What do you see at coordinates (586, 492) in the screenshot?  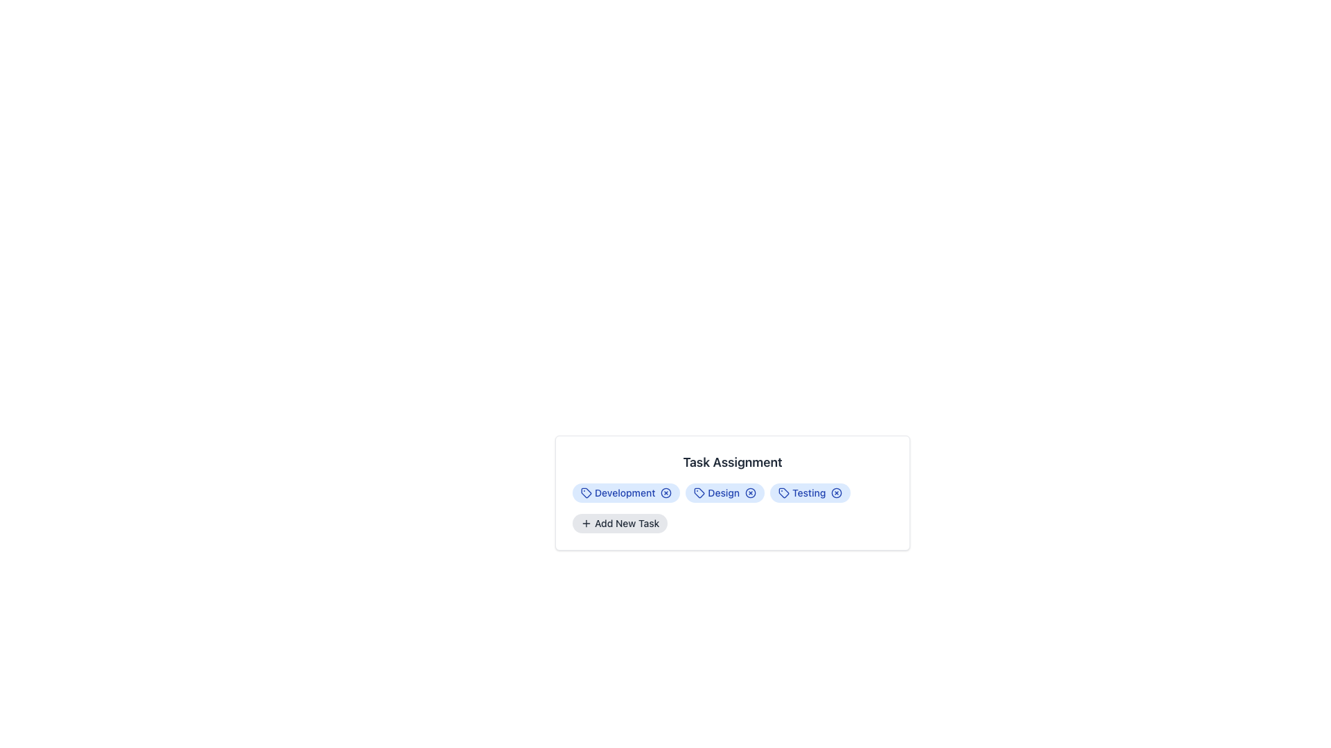 I see `the tag icon with a blue outline located next to the 'Development' label in the task assignment section` at bounding box center [586, 492].